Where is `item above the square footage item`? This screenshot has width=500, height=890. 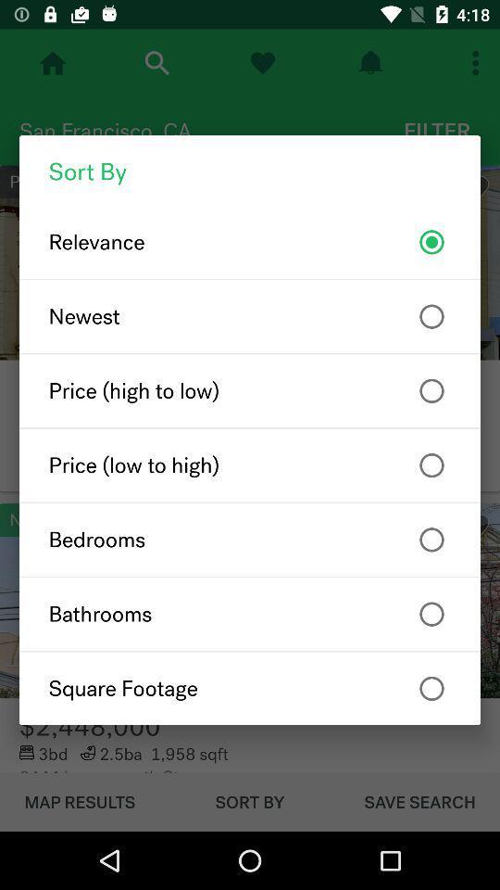 item above the square footage item is located at coordinates (250, 614).